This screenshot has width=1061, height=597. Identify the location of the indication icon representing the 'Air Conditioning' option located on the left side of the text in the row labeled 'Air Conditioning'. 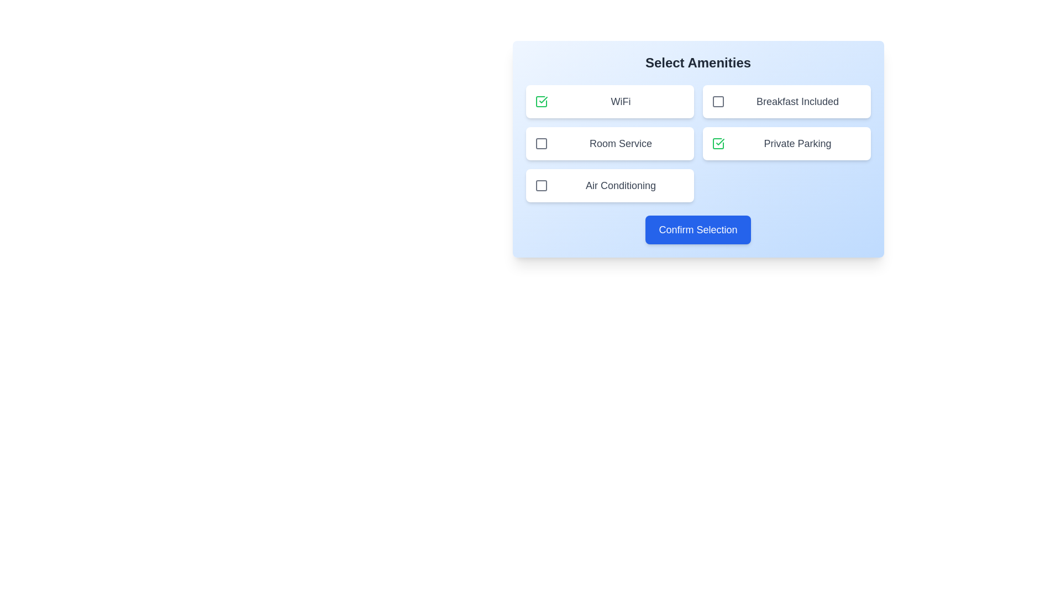
(541, 185).